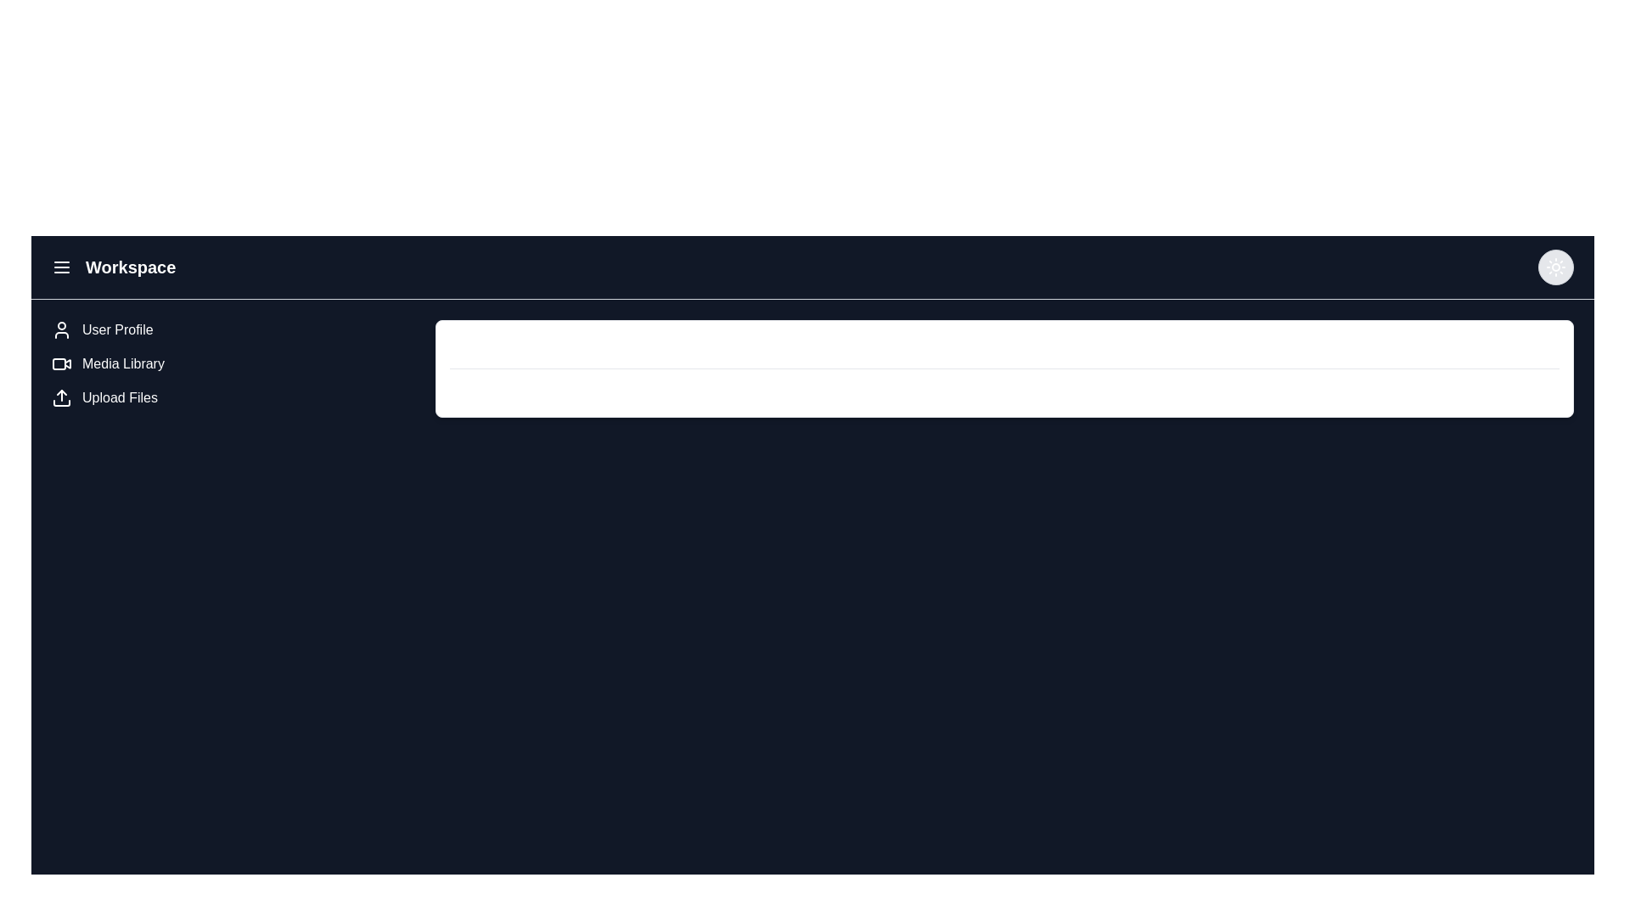  I want to click on the 'Workspace' menu item, which is a bold white text element located at the top-left corner of the interface, so click(113, 267).